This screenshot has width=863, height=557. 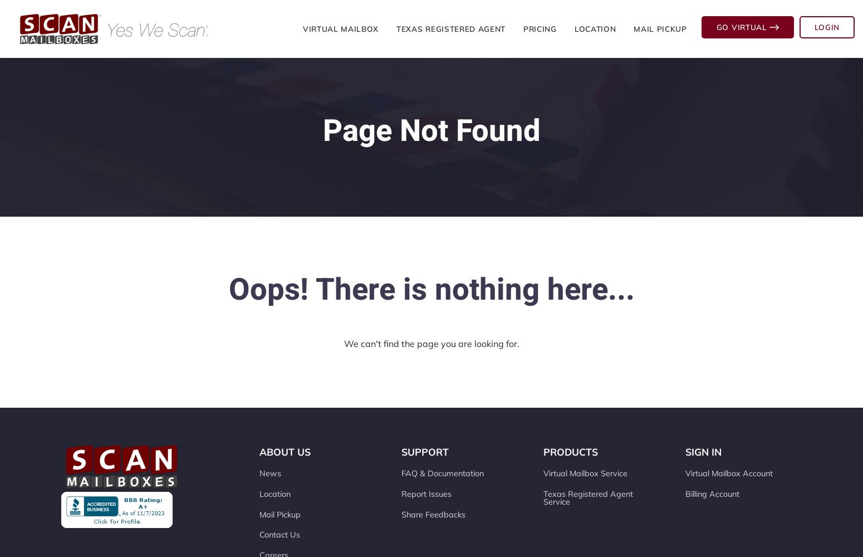 I want to click on 'About Us', so click(x=284, y=452).